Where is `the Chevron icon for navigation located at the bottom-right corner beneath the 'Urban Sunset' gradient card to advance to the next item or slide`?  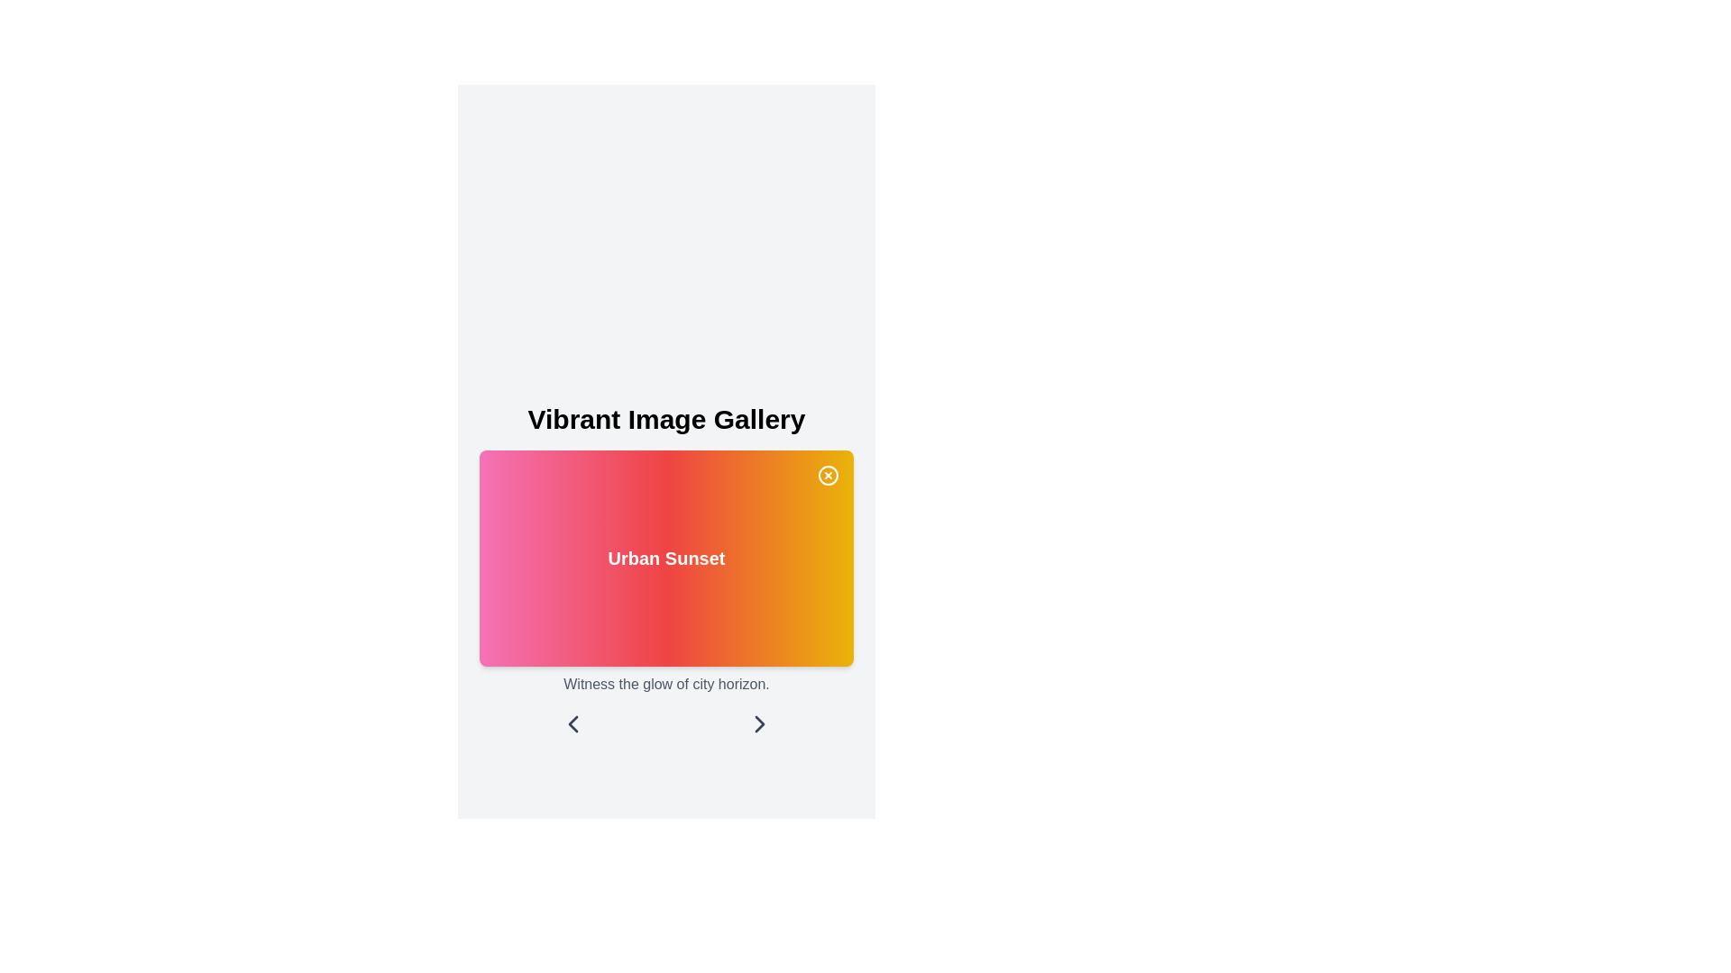
the Chevron icon for navigation located at the bottom-right corner beneath the 'Urban Sunset' gradient card to advance to the next item or slide is located at coordinates (760, 723).